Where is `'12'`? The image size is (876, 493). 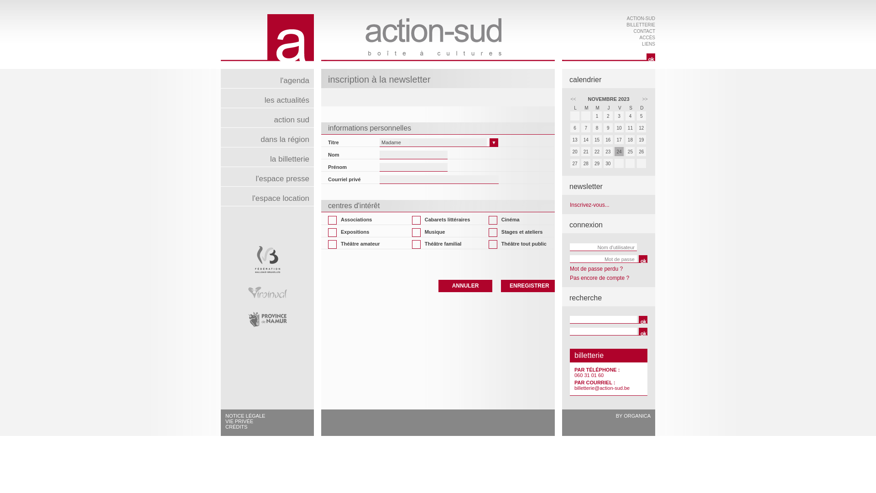
'12' is located at coordinates (641, 128).